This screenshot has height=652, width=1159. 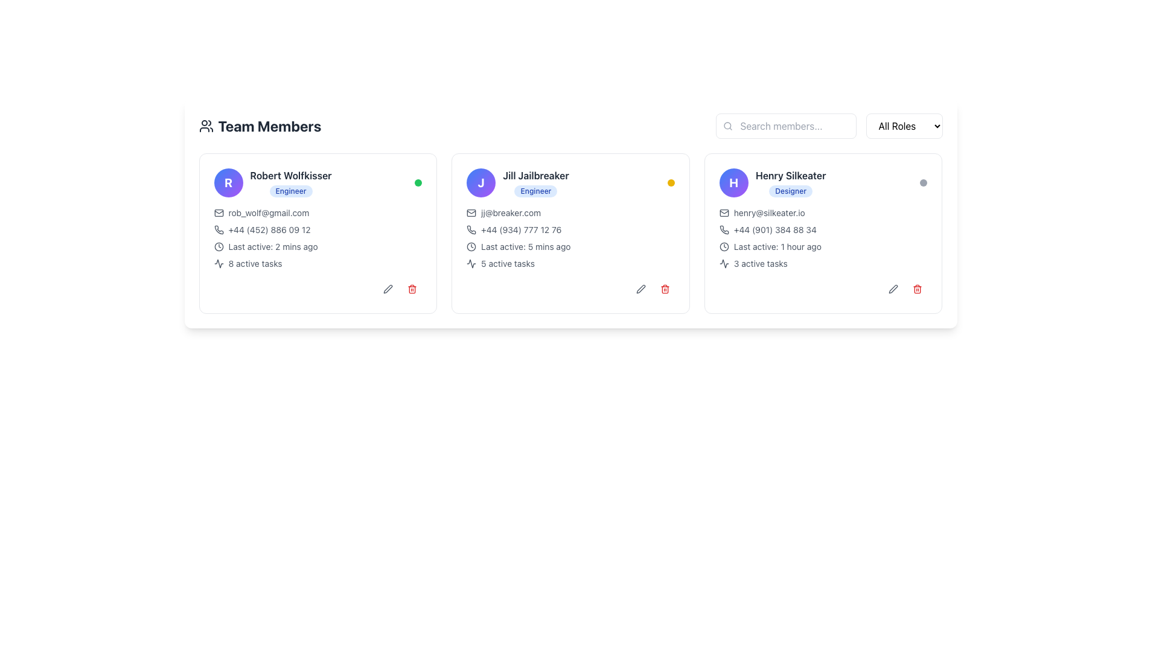 What do you see at coordinates (318, 183) in the screenshot?
I see `the user's avatar located in the Composite information panel at the top section of the first card in the team members list` at bounding box center [318, 183].